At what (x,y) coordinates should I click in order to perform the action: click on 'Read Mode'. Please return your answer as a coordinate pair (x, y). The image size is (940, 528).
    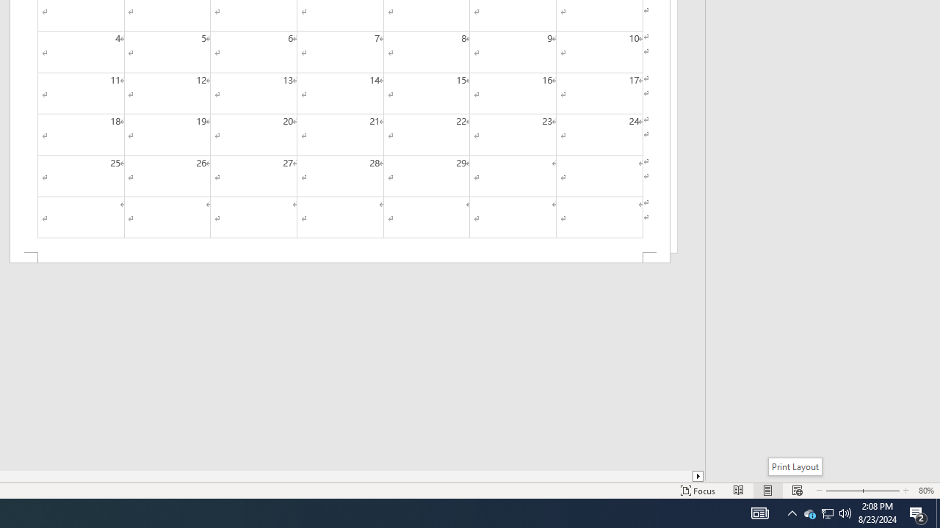
    Looking at the image, I should click on (739, 491).